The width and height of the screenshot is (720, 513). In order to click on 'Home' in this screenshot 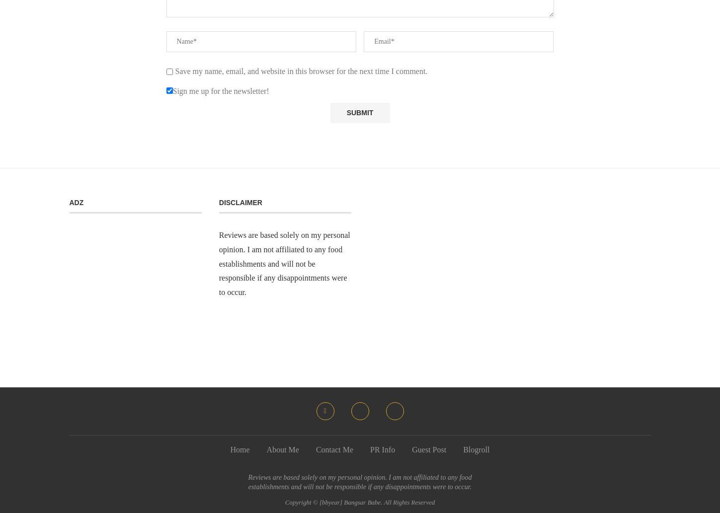, I will do `click(240, 448)`.